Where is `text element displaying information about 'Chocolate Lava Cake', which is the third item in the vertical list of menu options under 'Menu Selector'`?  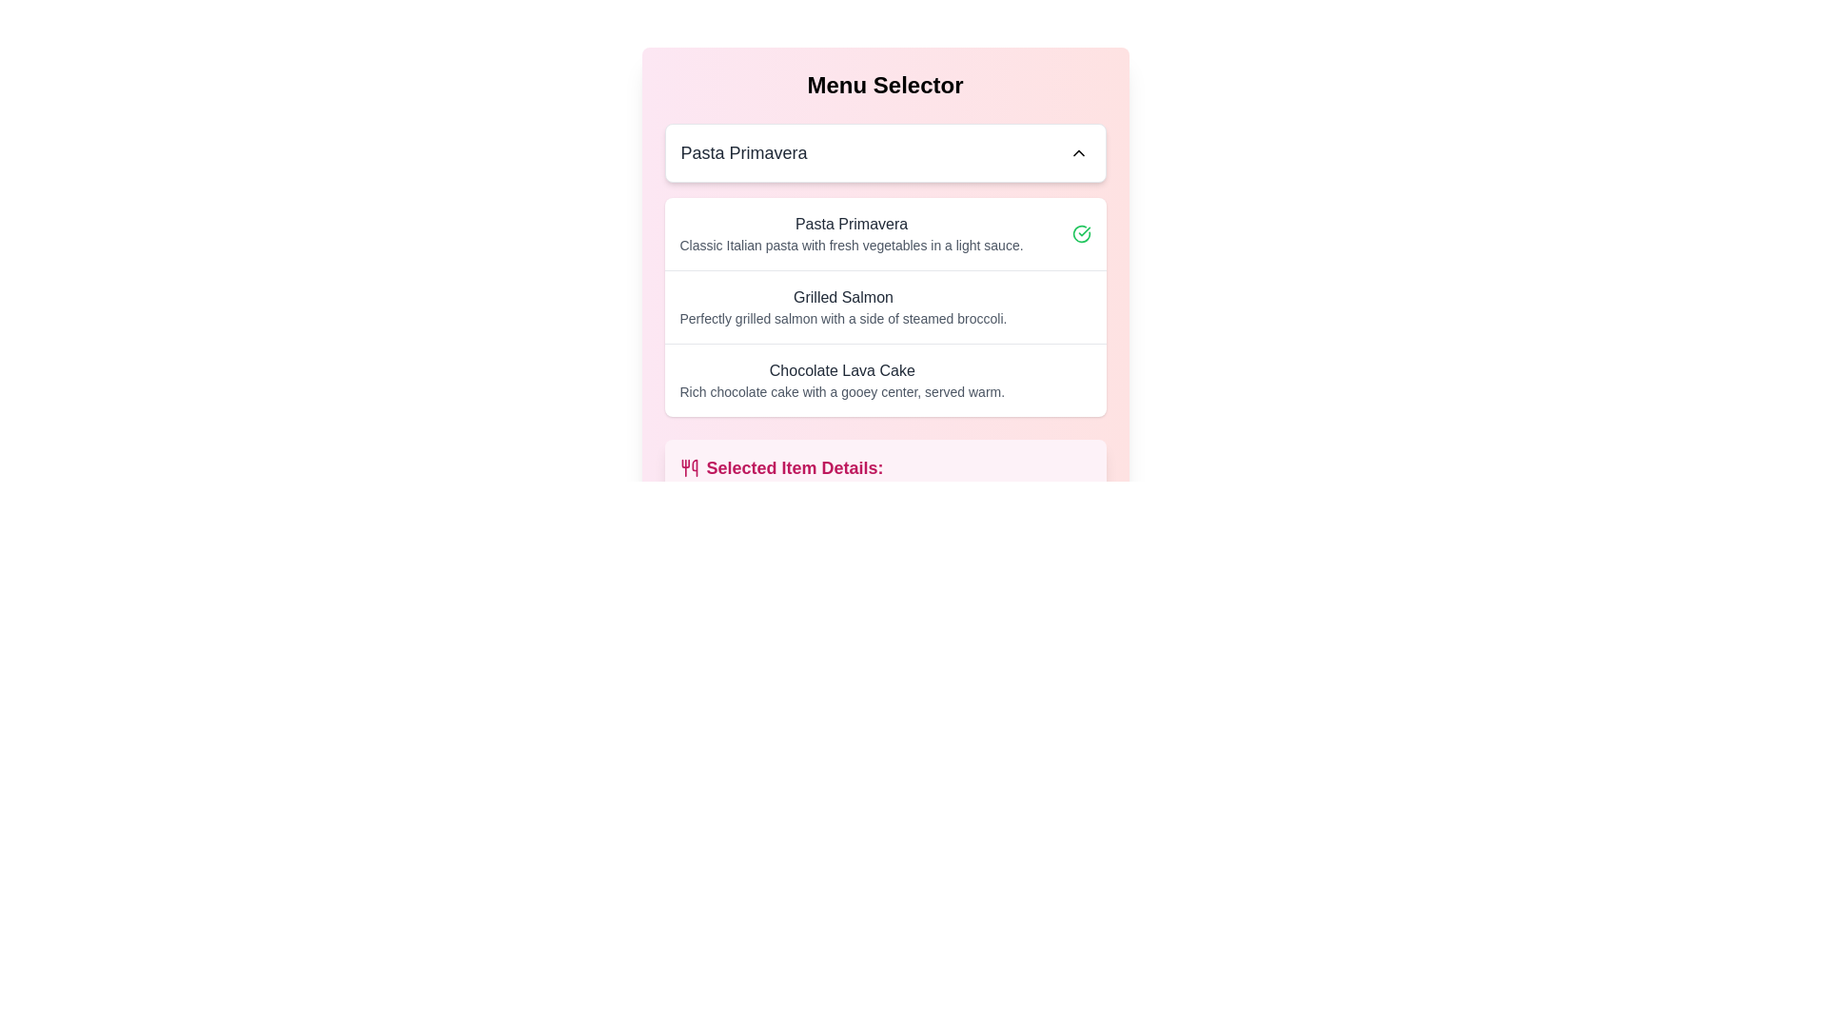
text element displaying information about 'Chocolate Lava Cake', which is the third item in the vertical list of menu options under 'Menu Selector' is located at coordinates (841, 381).